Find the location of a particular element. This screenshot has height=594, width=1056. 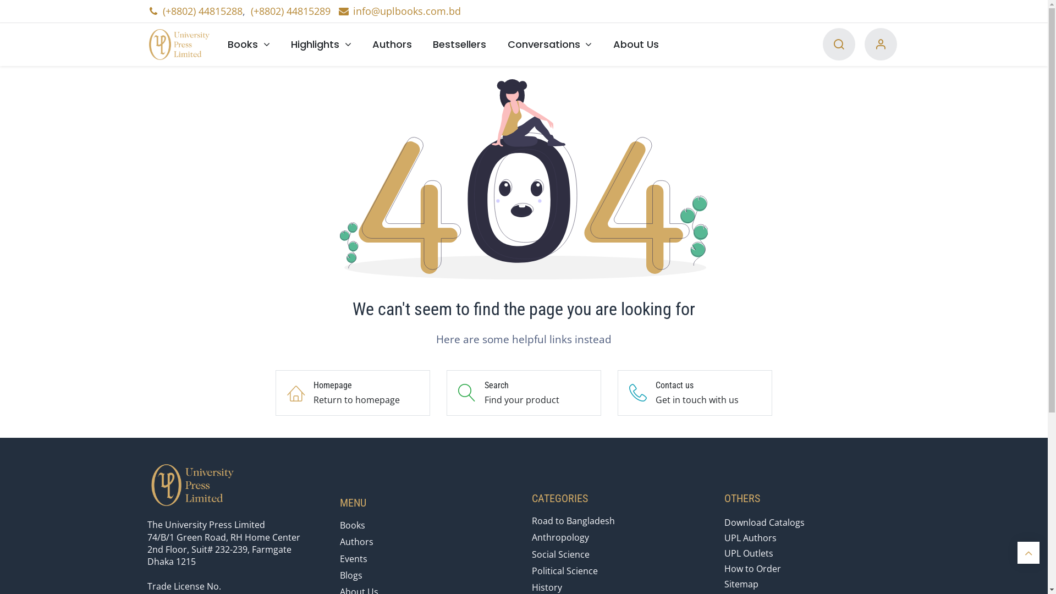

'Download Catalogs' is located at coordinates (764, 521).